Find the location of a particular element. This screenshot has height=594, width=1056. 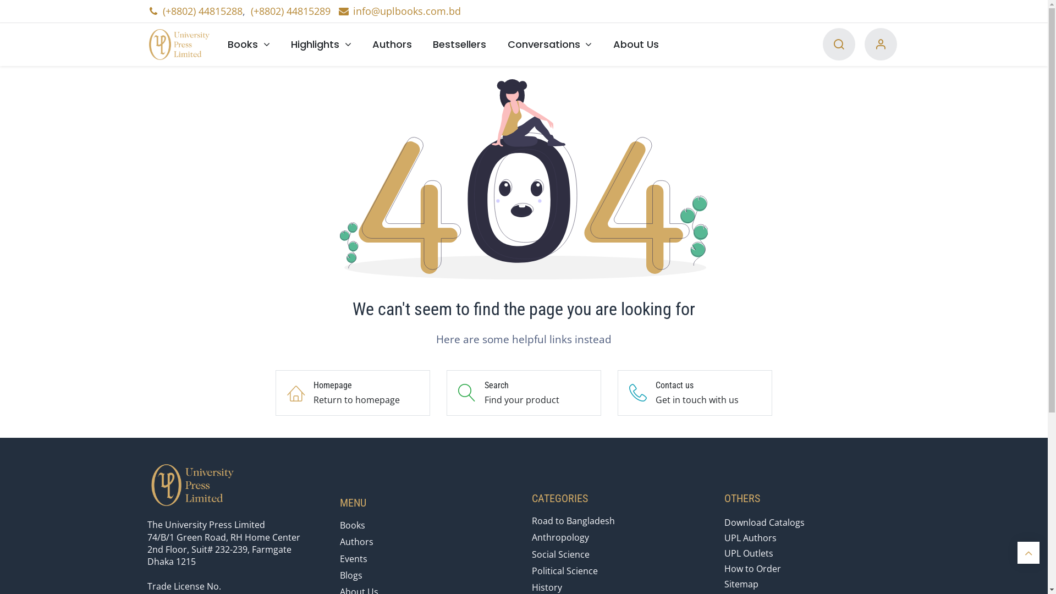

'Download Catalogs' is located at coordinates (764, 521).